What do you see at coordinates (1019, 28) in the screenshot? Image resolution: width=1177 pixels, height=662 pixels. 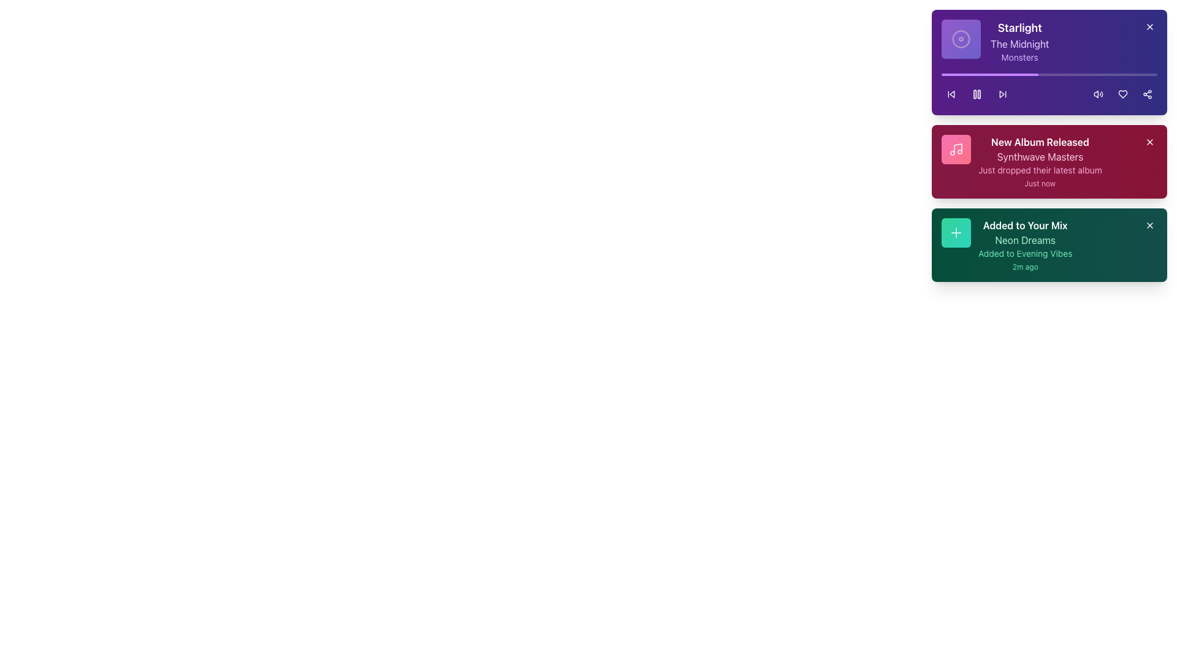 I see `the 'Starlight' text label displayed in bold white font against a purple background, located at the top of the notification card` at bounding box center [1019, 28].